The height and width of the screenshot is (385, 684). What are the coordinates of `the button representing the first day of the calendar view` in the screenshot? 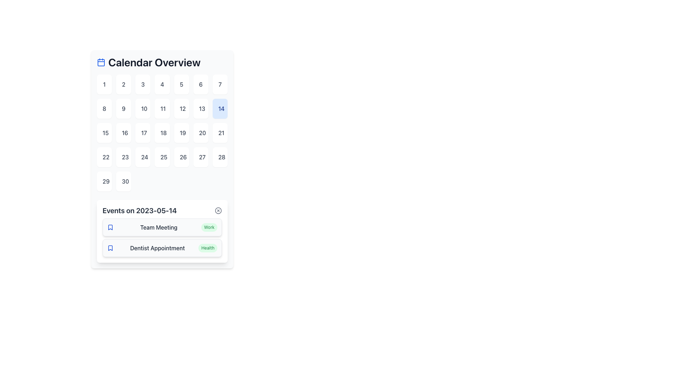 It's located at (104, 84).